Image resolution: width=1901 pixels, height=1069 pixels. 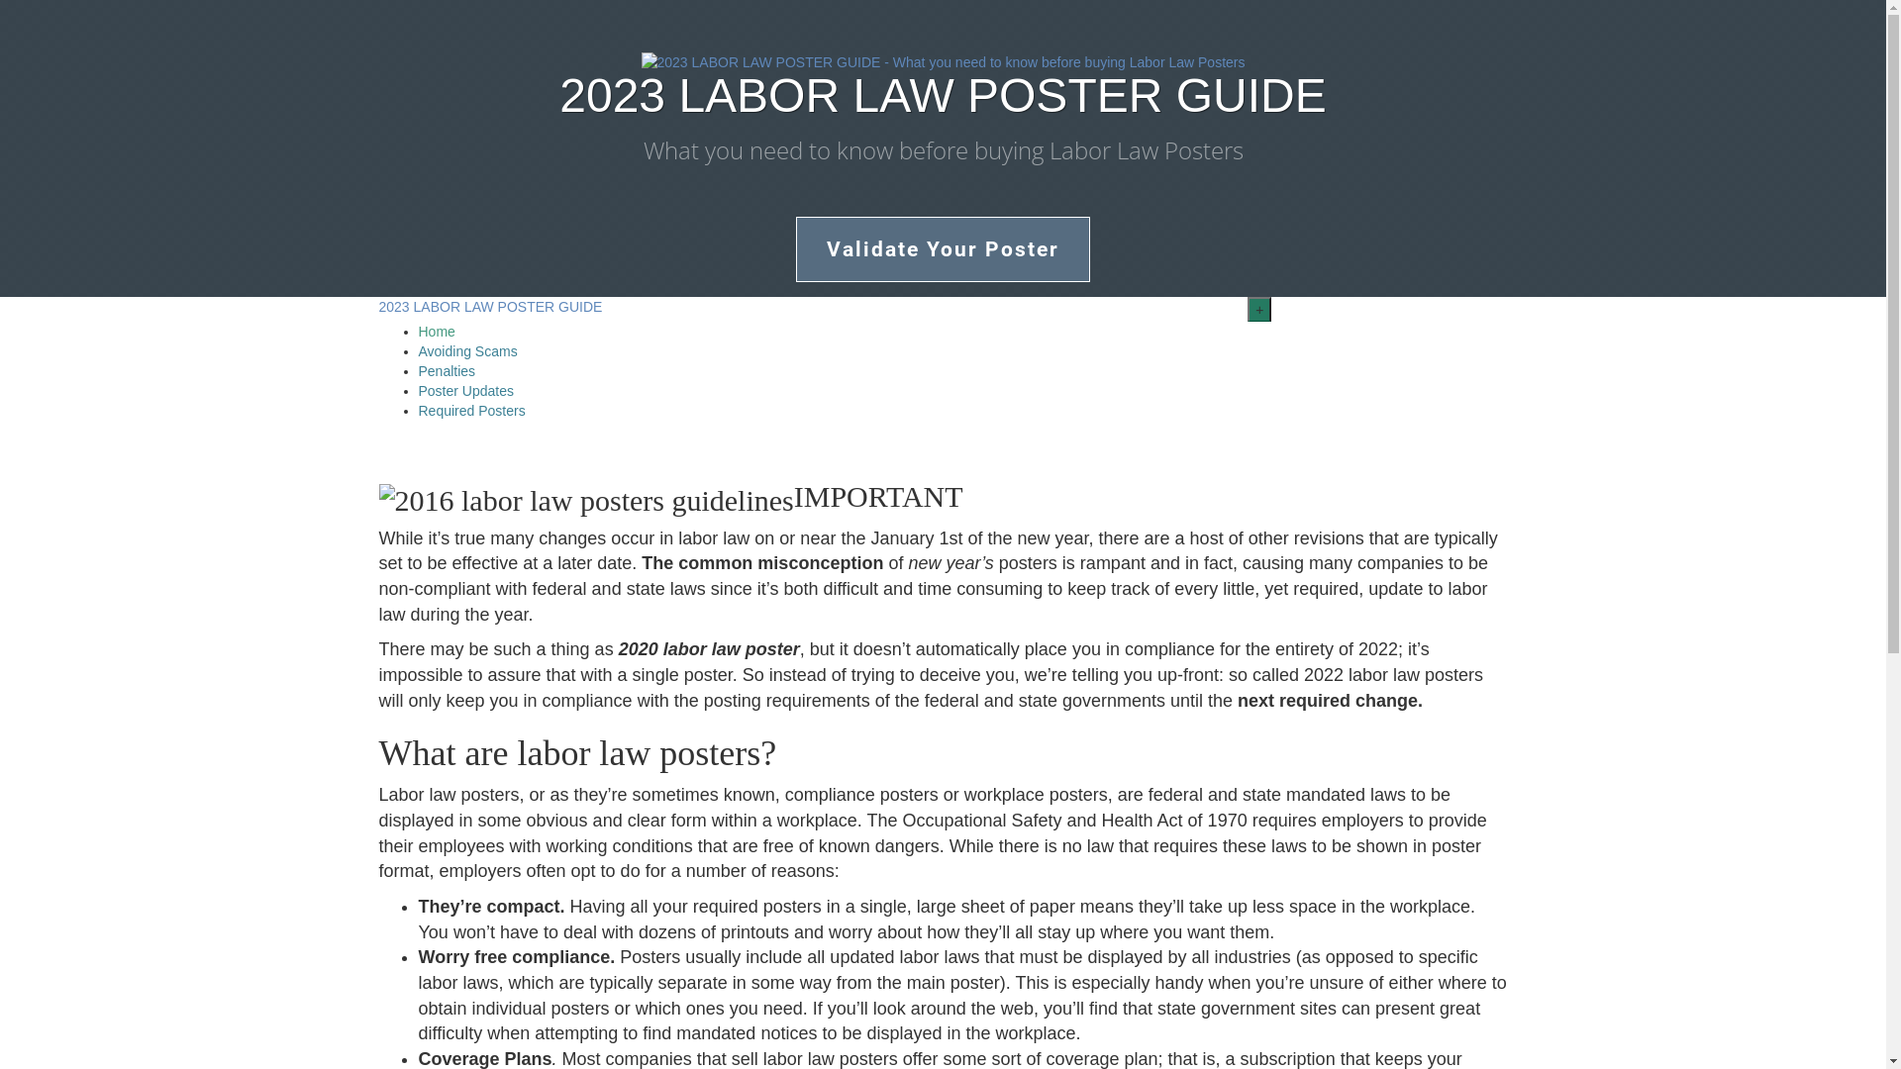 What do you see at coordinates (446, 370) in the screenshot?
I see `'Penalties'` at bounding box center [446, 370].